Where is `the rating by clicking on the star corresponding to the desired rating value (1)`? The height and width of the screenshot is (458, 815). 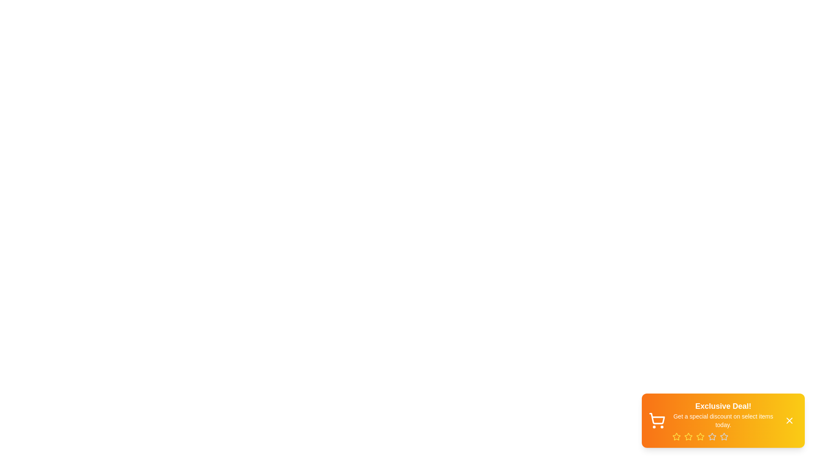
the rating by clicking on the star corresponding to the desired rating value (1) is located at coordinates (676, 436).